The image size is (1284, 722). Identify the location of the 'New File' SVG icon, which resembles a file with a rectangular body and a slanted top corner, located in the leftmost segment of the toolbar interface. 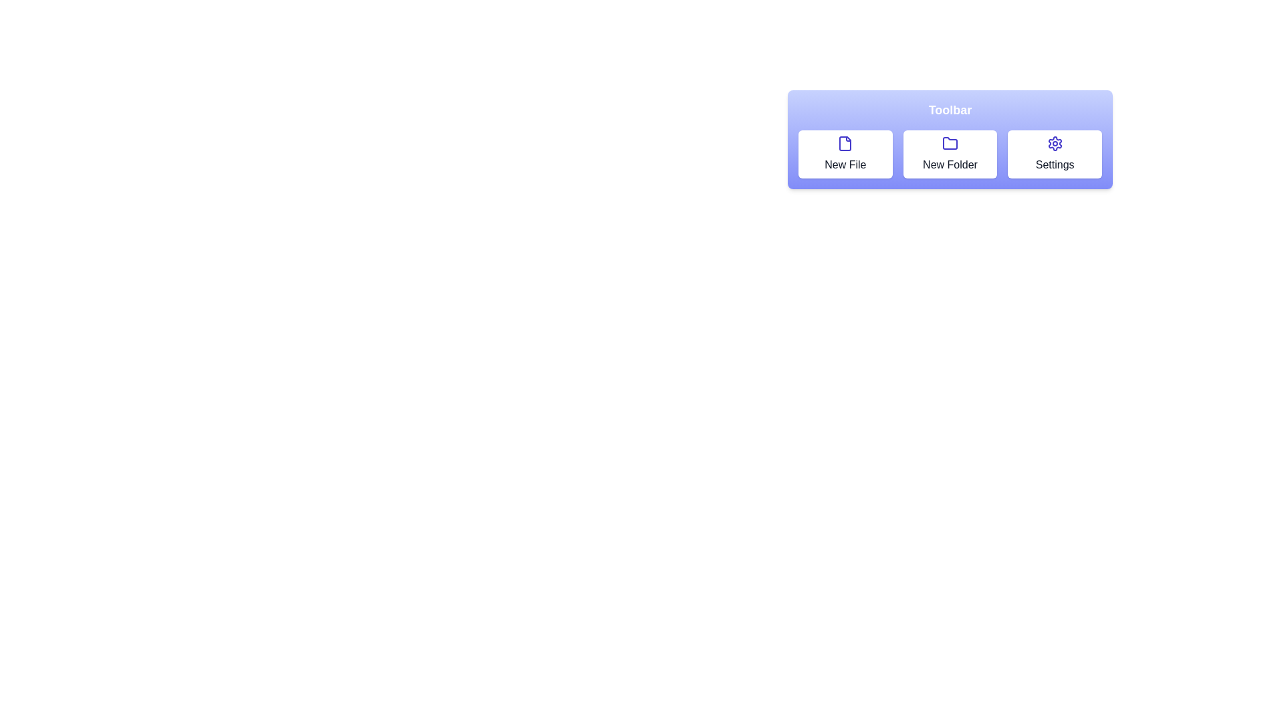
(845, 144).